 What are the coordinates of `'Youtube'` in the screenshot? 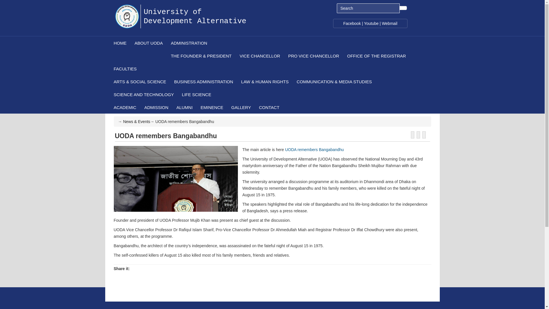 It's located at (371, 23).